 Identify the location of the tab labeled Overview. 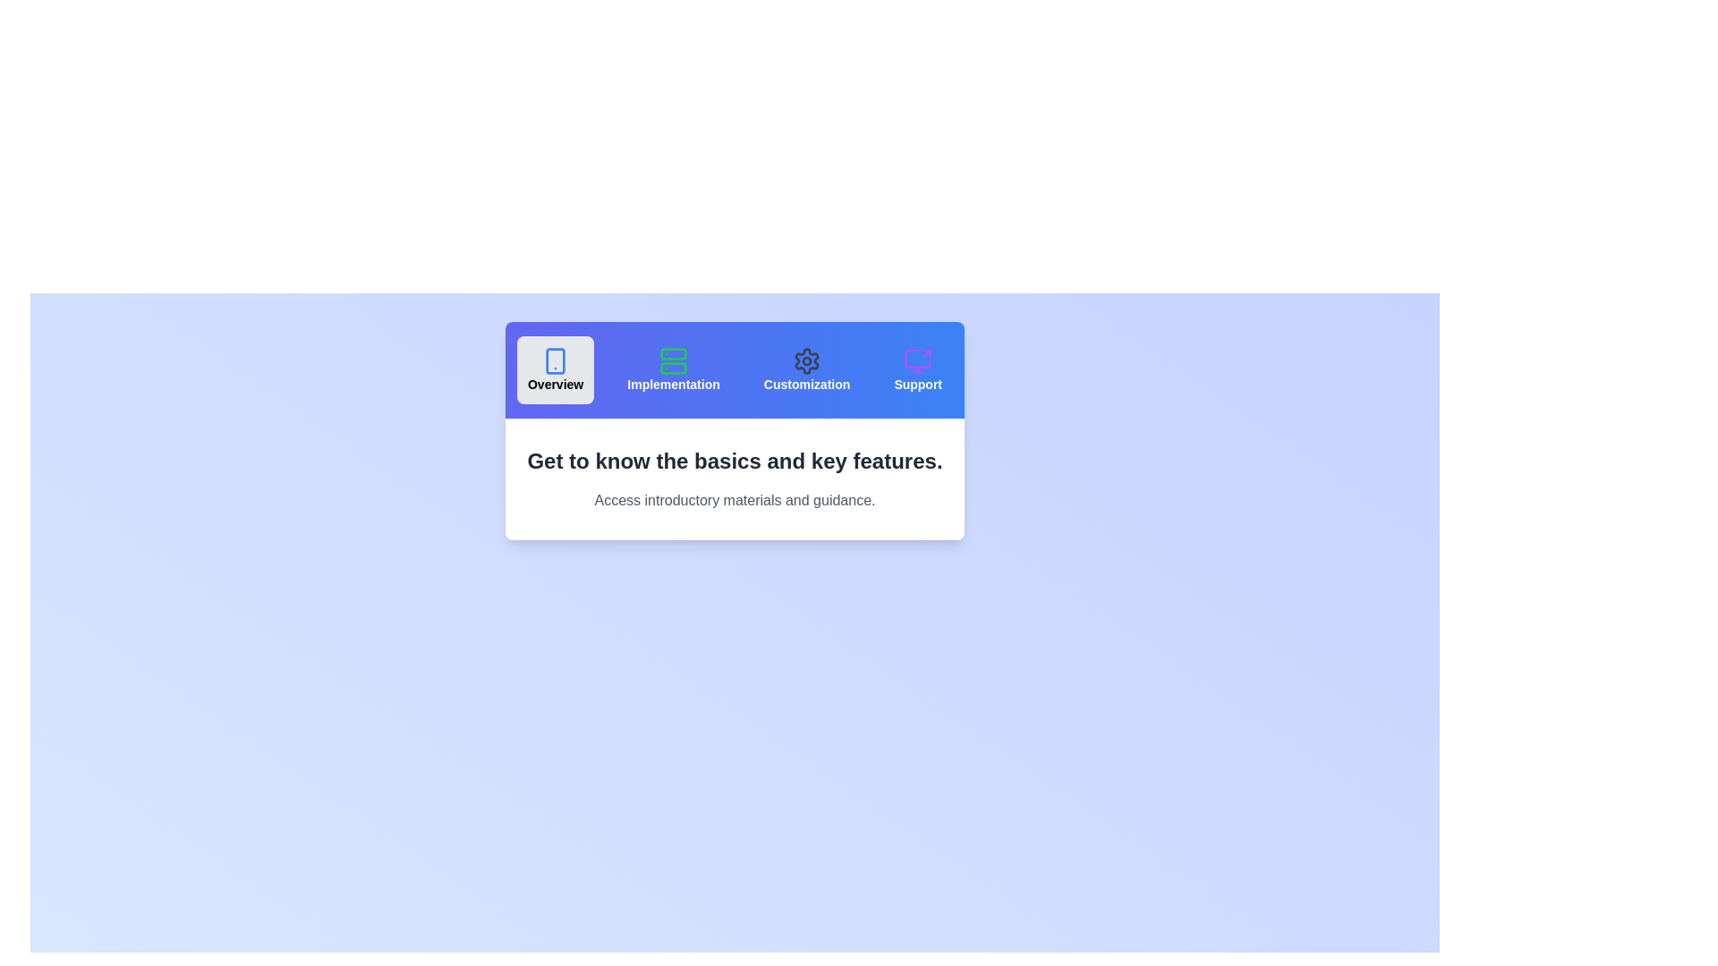
(554, 369).